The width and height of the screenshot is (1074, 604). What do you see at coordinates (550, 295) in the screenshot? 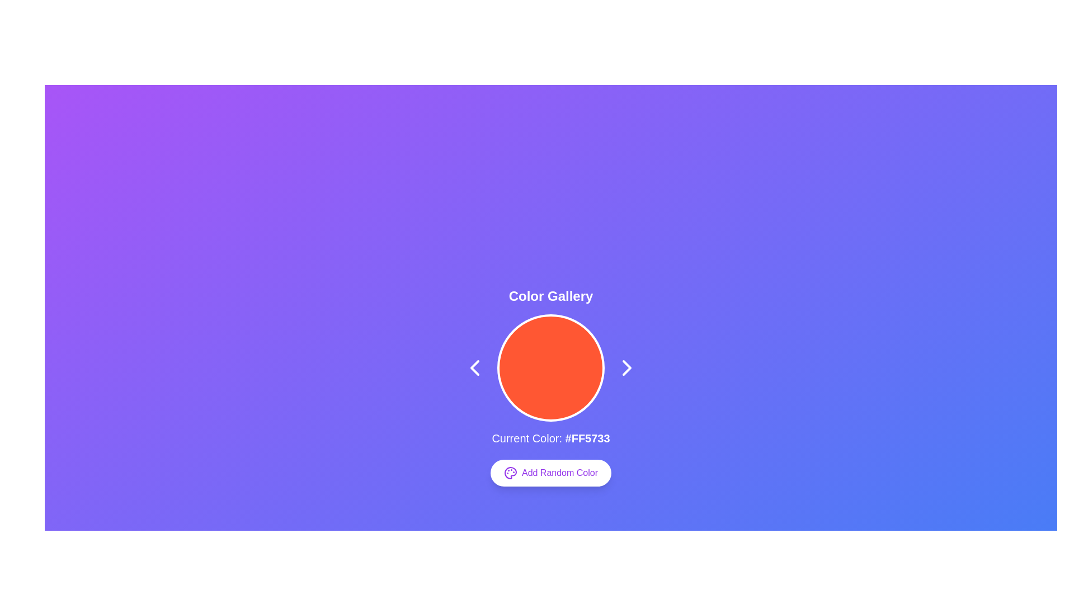
I see `the 'Color Gallery' text header, which is styled in bold white font against a purple to blue gradient background, located at the top of the central content area` at bounding box center [550, 295].